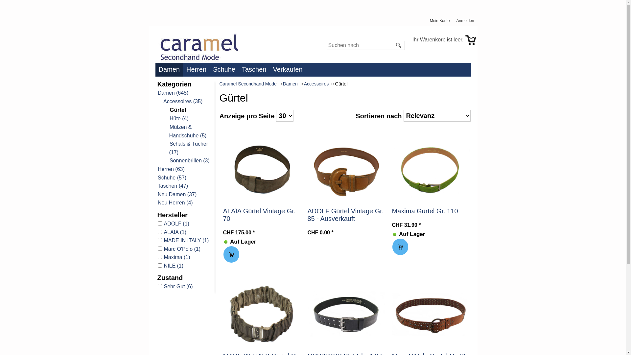 The width and height of the screenshot is (631, 355). What do you see at coordinates (157, 177) in the screenshot?
I see `'Schuhe (57)'` at bounding box center [157, 177].